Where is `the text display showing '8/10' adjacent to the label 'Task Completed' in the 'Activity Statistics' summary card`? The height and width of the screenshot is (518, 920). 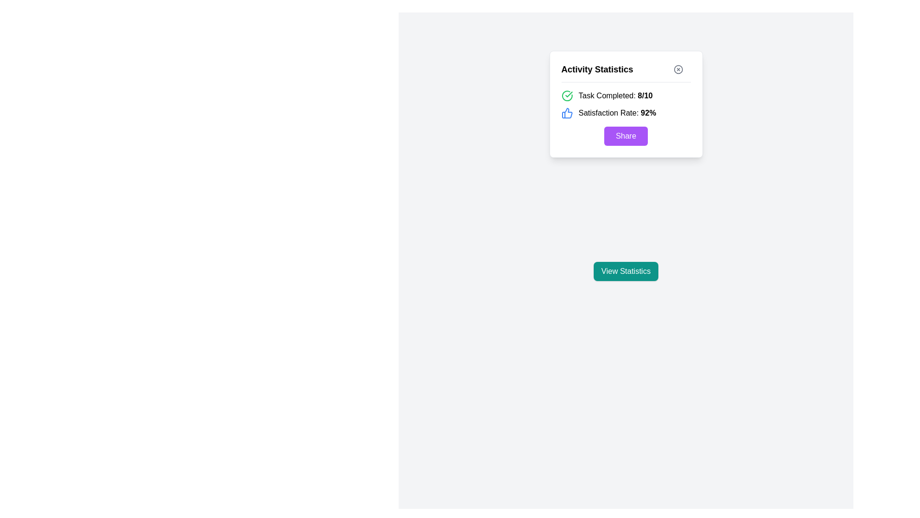
the text display showing '8/10' adjacent to the label 'Task Completed' in the 'Activity Statistics' summary card is located at coordinates (645, 95).